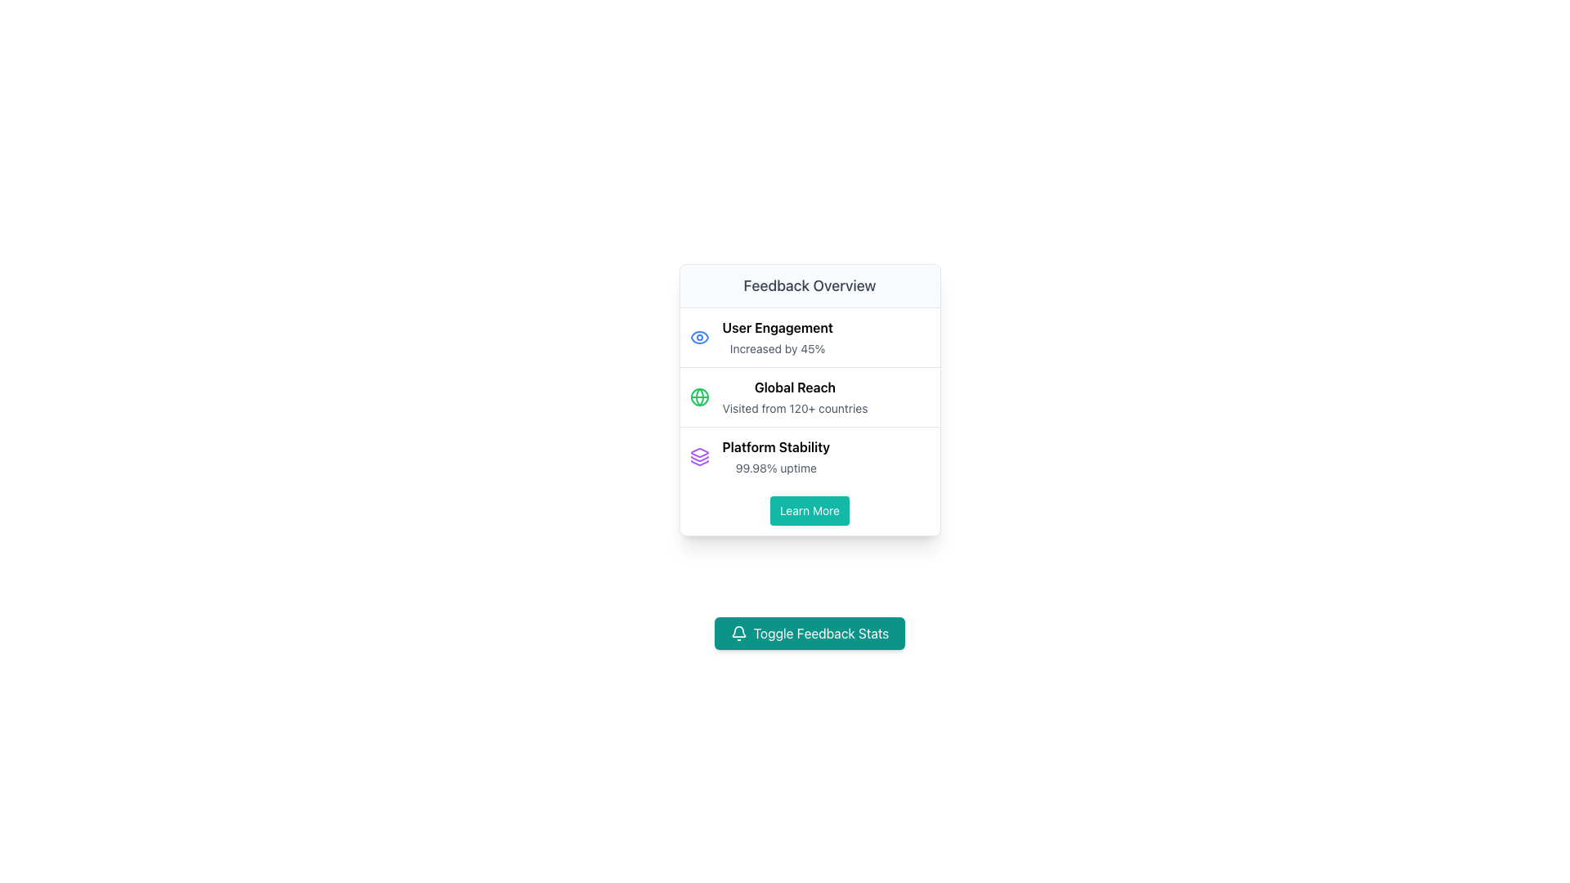 The image size is (1570, 883). What do you see at coordinates (775, 468) in the screenshot?
I see `the text label displaying '99.98% uptime' located beneath the bold title 'Platform Stability' in the 'Feedback Overview' section` at bounding box center [775, 468].